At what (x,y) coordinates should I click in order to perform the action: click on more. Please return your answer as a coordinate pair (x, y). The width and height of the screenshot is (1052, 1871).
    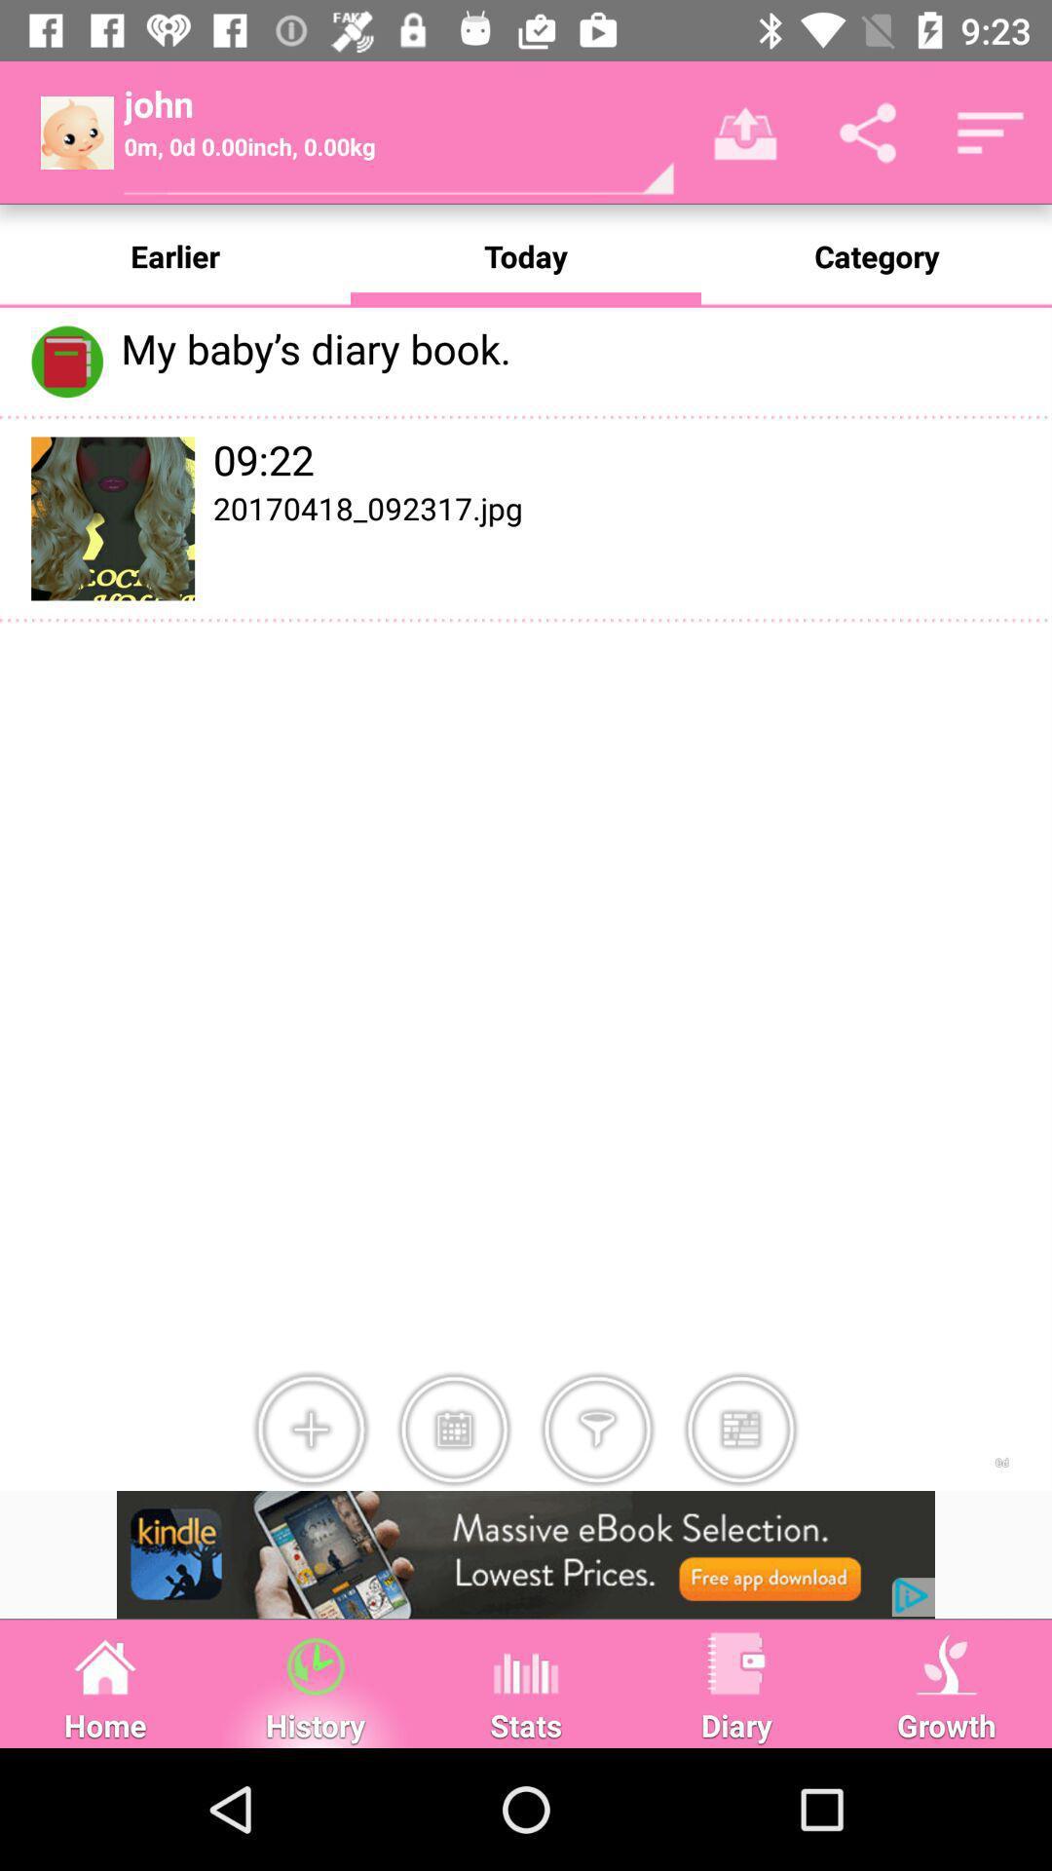
    Looking at the image, I should click on (310, 1430).